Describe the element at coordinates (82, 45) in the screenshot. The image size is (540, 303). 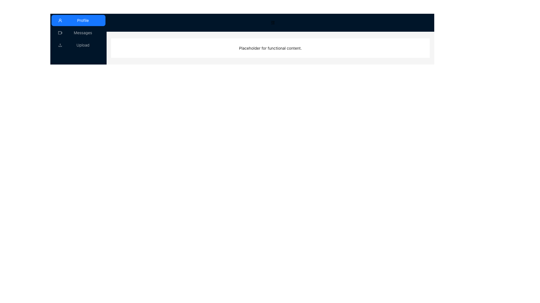
I see `text label that represents the upload action in the vertical navigation bar, located beneath 'Messages'` at that location.